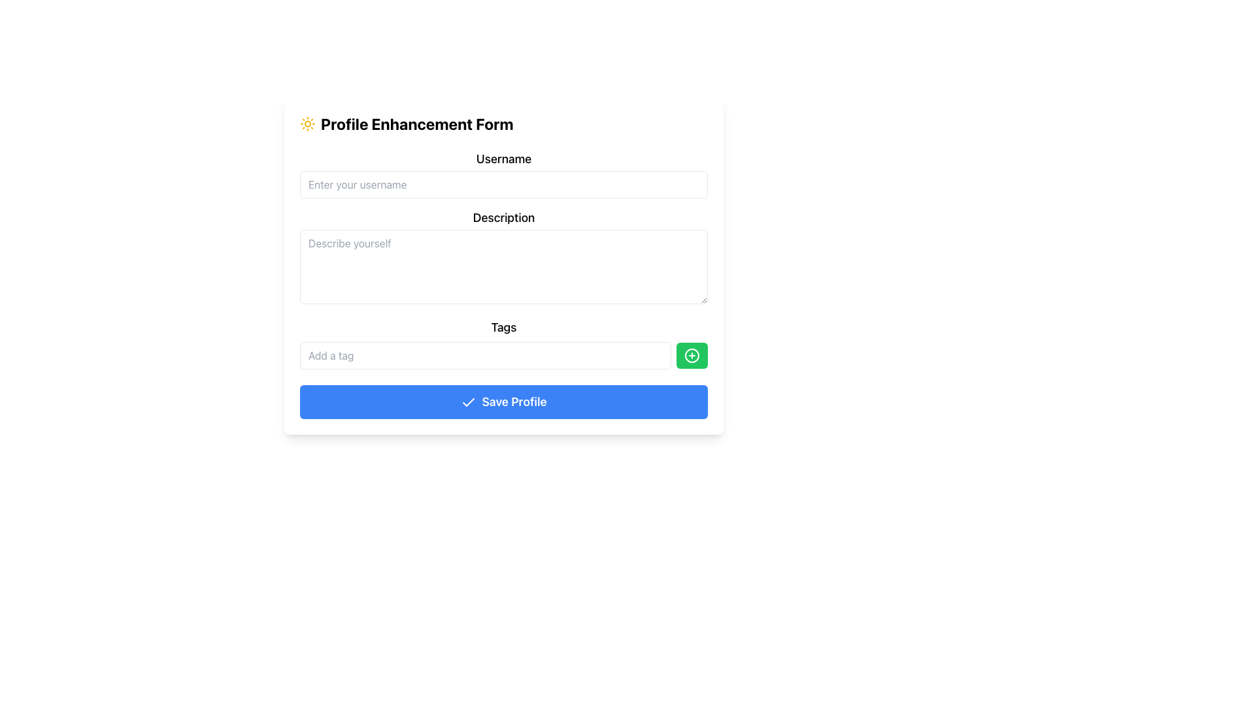 This screenshot has height=705, width=1255. What do you see at coordinates (692, 355) in the screenshot?
I see `the button with an embedded icon located in the 'Tags' section of the form` at bounding box center [692, 355].